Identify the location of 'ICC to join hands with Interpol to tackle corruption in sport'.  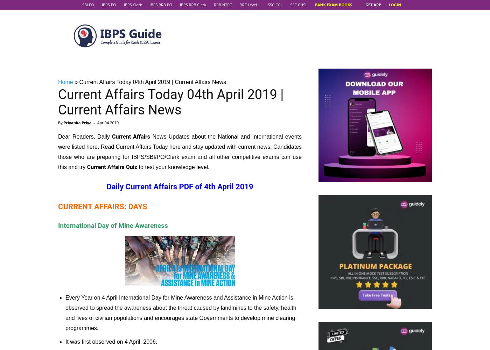
(145, 71).